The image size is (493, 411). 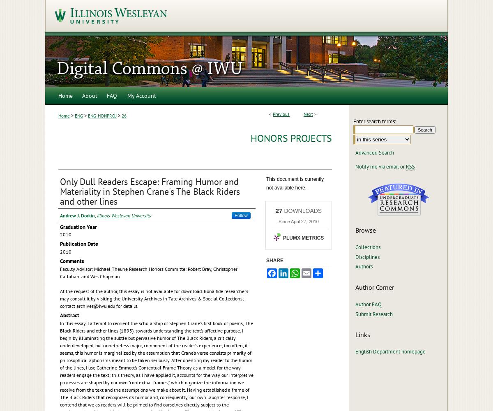 What do you see at coordinates (298, 222) in the screenshot?
I see `'Since April 27, 2010'` at bounding box center [298, 222].